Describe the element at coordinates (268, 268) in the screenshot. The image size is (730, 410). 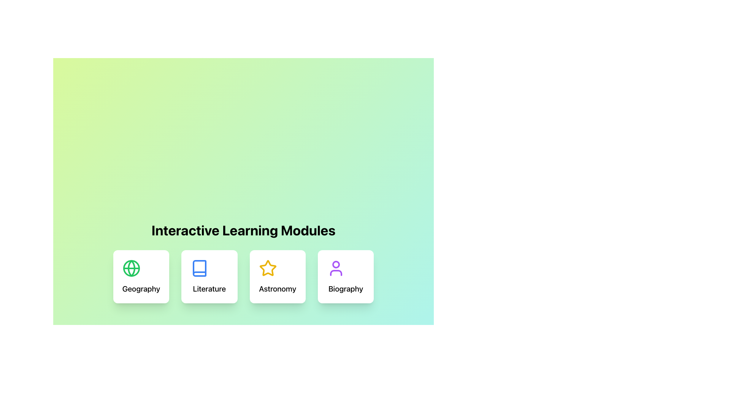
I see `the star-shaped icon with a yellow outline and white interior located at the top of the 'Astronomy' card, which is the third card in the horizontal row under 'Interactive Learning Modules'` at that location.